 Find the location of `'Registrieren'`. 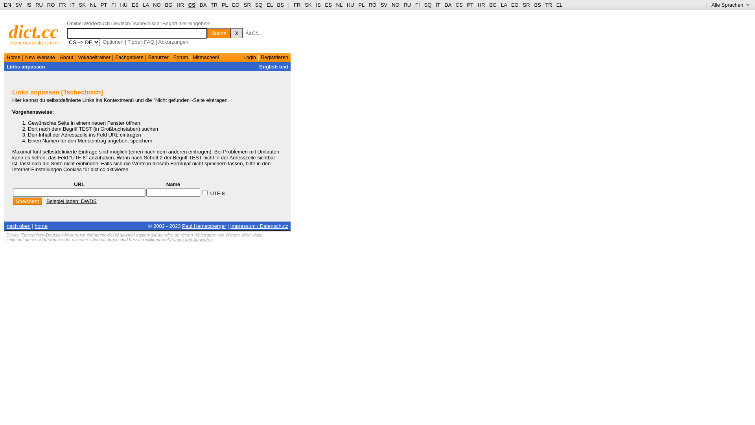

'Registrieren' is located at coordinates (274, 57).